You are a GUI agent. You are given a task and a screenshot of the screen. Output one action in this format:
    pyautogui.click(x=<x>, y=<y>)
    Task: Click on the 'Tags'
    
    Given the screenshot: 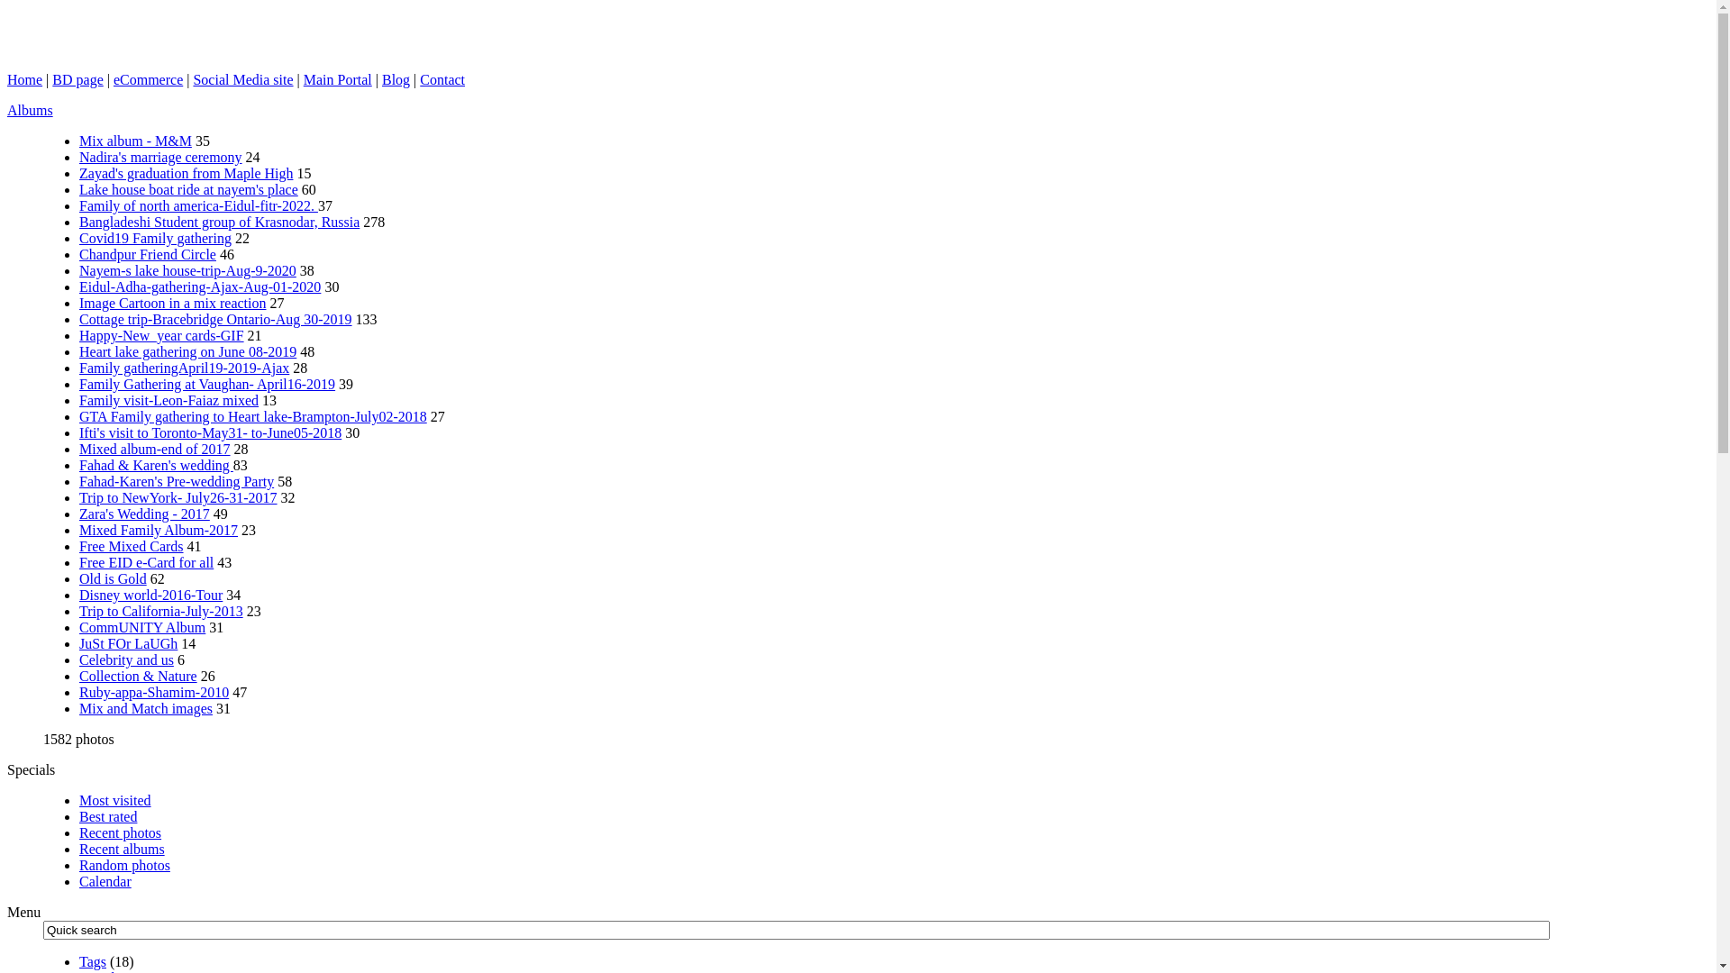 What is the action you would take?
    pyautogui.click(x=91, y=960)
    